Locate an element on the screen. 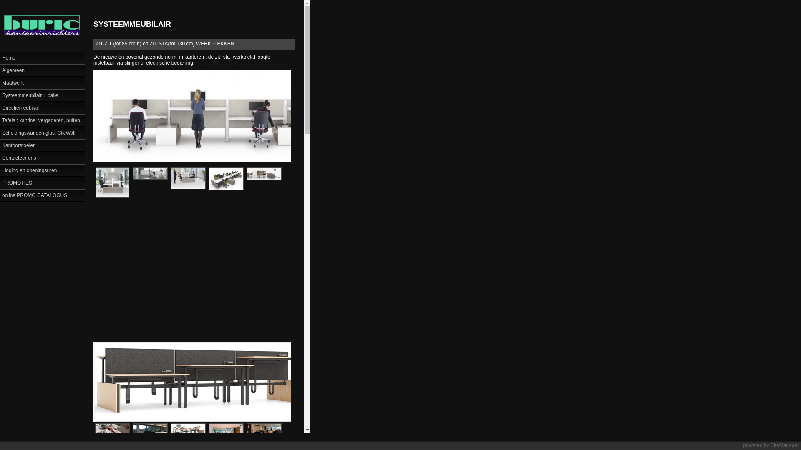 The height and width of the screenshot is (450, 801). 'Tafels : kantine, vergaderen, buiten' is located at coordinates (42, 120).